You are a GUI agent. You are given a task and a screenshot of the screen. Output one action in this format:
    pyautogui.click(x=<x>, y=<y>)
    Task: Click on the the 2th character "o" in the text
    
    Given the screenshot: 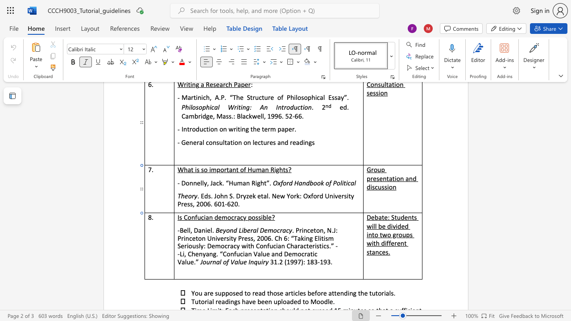 What is the action you would take?
    pyautogui.click(x=292, y=195)
    